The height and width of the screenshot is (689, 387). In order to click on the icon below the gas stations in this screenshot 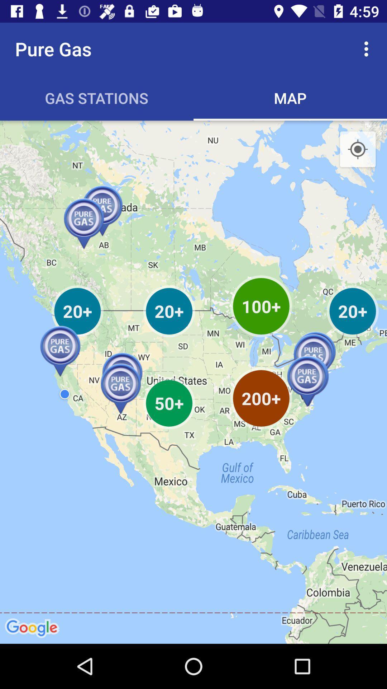, I will do `click(193, 382)`.